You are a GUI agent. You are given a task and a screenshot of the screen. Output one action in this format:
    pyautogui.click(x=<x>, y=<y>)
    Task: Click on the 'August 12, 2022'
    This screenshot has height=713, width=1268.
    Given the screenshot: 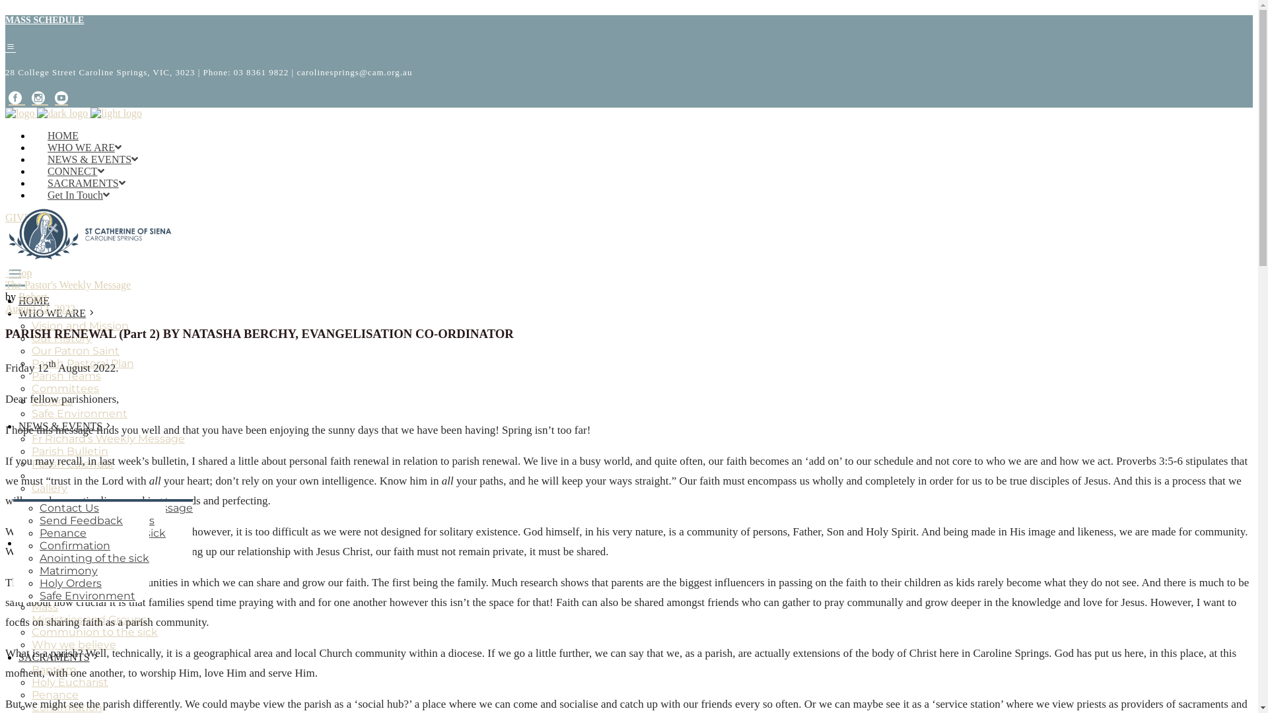 What is the action you would take?
    pyautogui.click(x=40, y=308)
    